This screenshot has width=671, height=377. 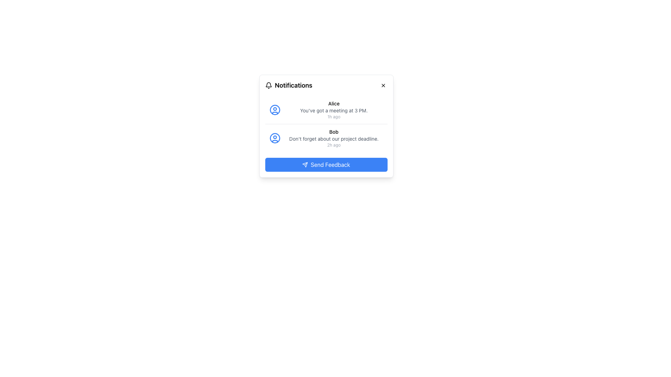 What do you see at coordinates (333, 138) in the screenshot?
I see `the notification message from 'Bob' that displays the content 'Don't forget about our project deadline.'` at bounding box center [333, 138].